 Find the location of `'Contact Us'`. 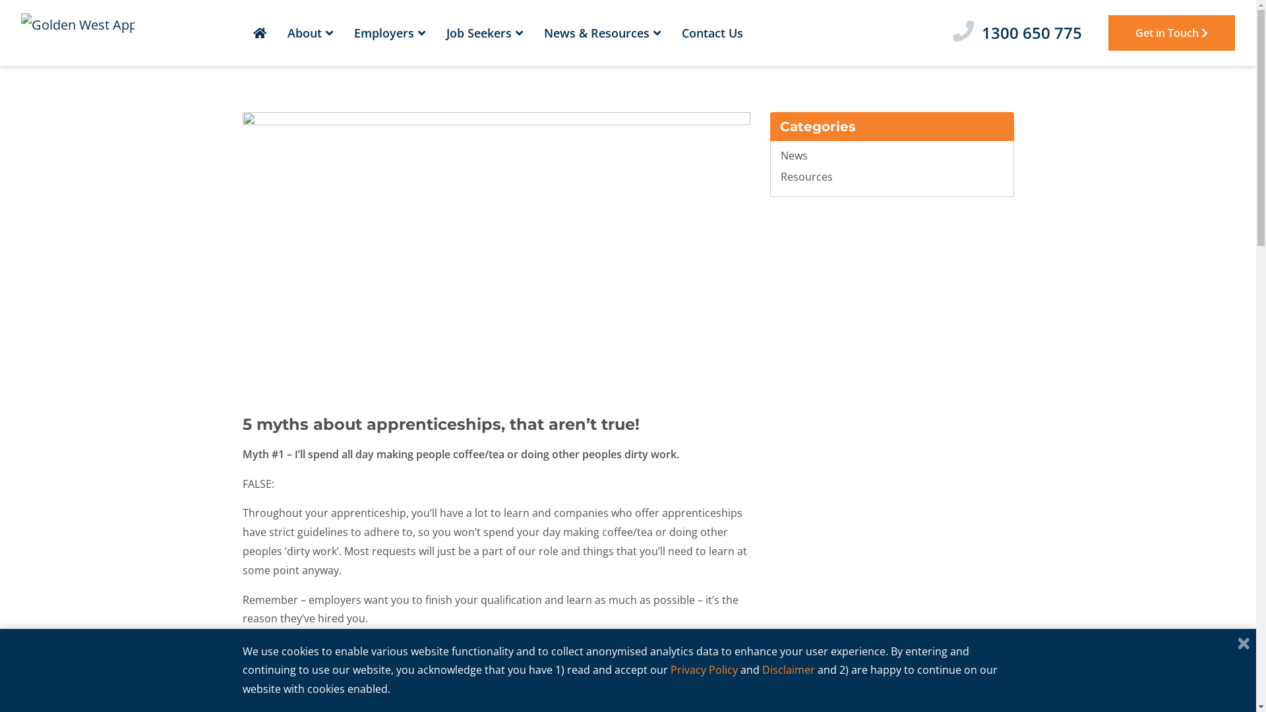

'Contact Us' is located at coordinates (711, 32).